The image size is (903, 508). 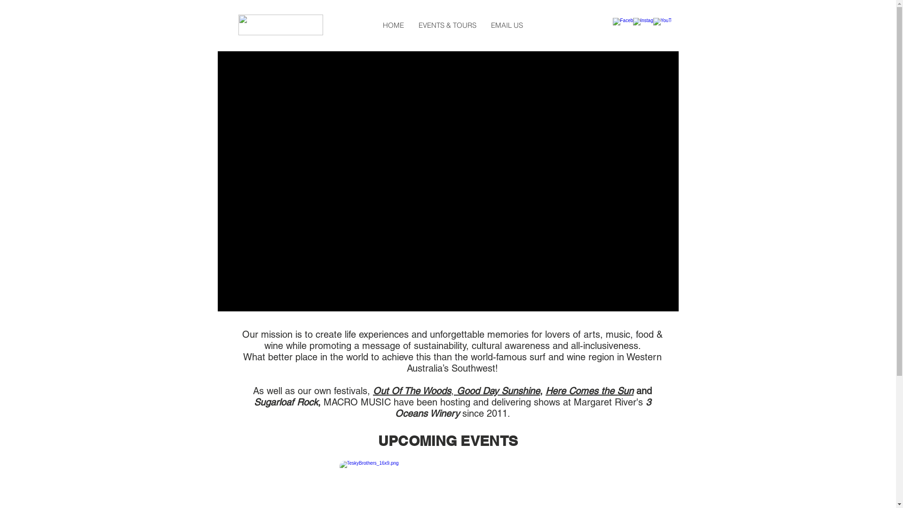 I want to click on 'EVENTS & TOURS', so click(x=446, y=24).